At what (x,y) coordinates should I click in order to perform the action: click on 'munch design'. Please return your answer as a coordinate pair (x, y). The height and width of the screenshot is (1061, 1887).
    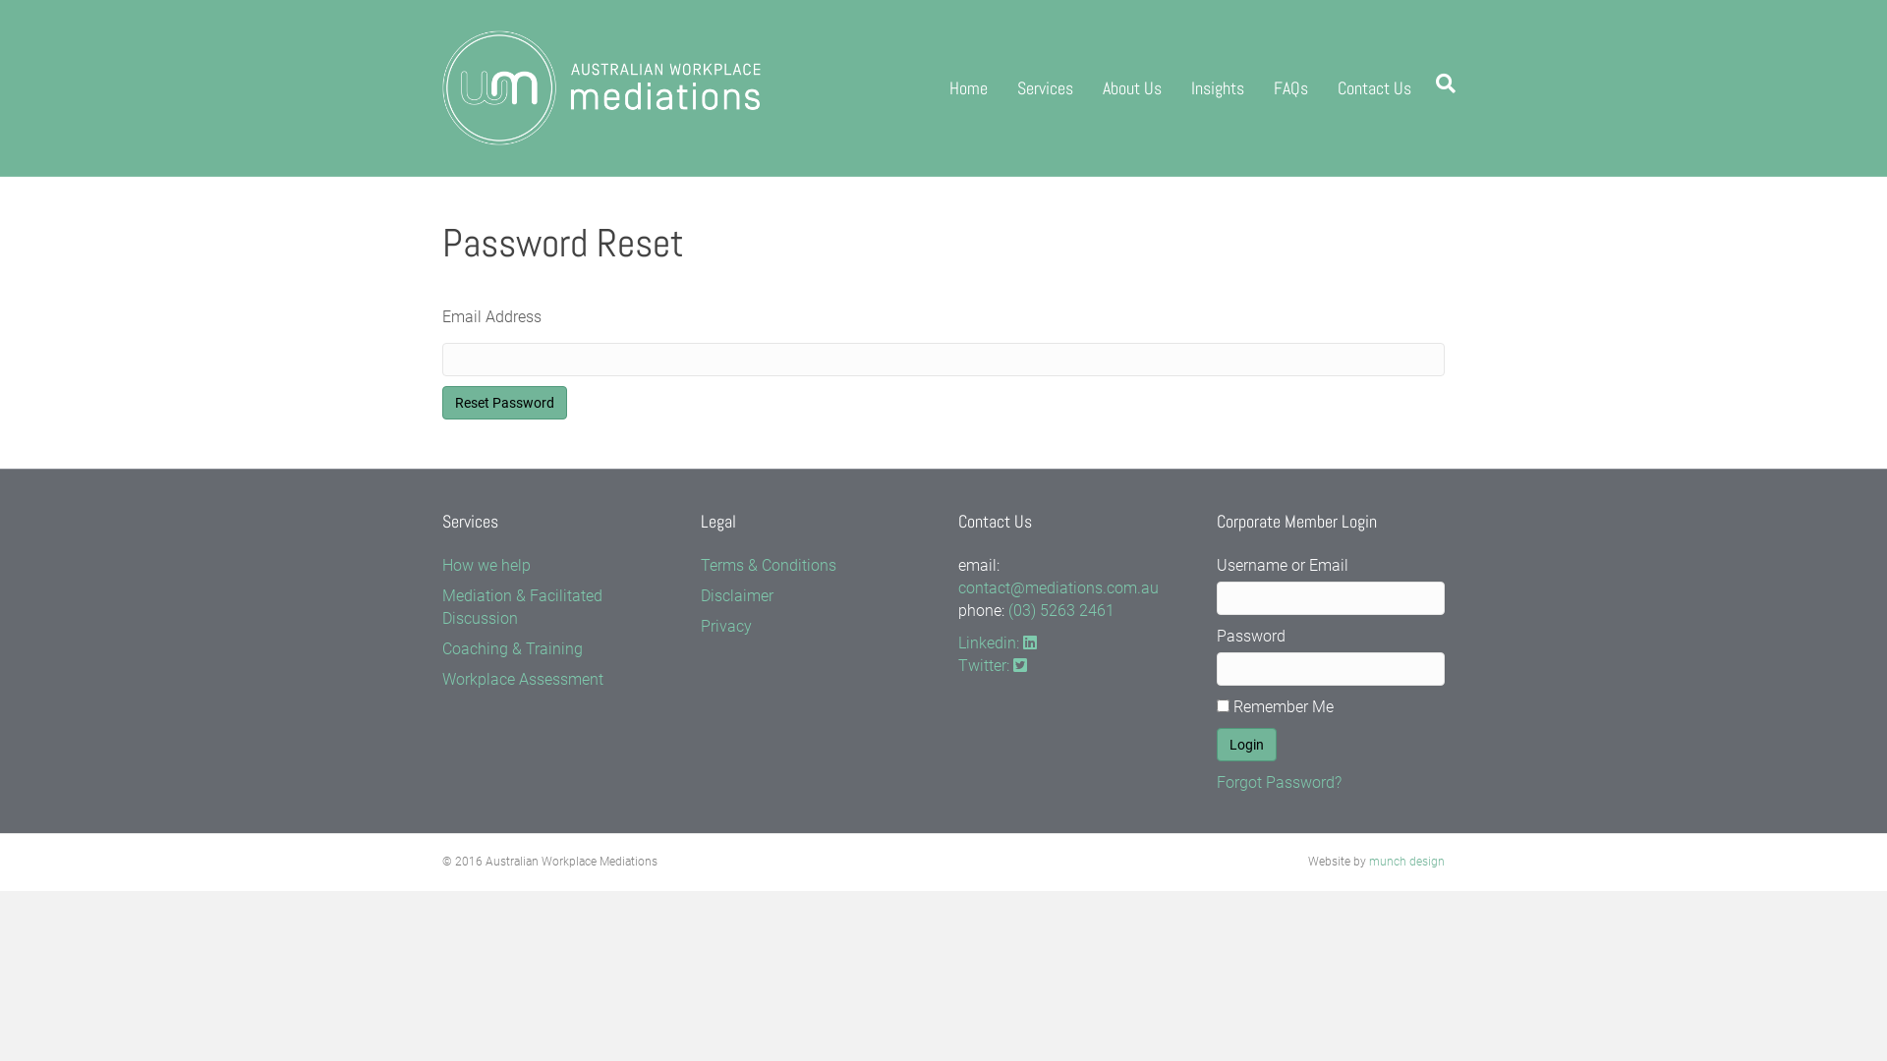
    Looking at the image, I should click on (1405, 860).